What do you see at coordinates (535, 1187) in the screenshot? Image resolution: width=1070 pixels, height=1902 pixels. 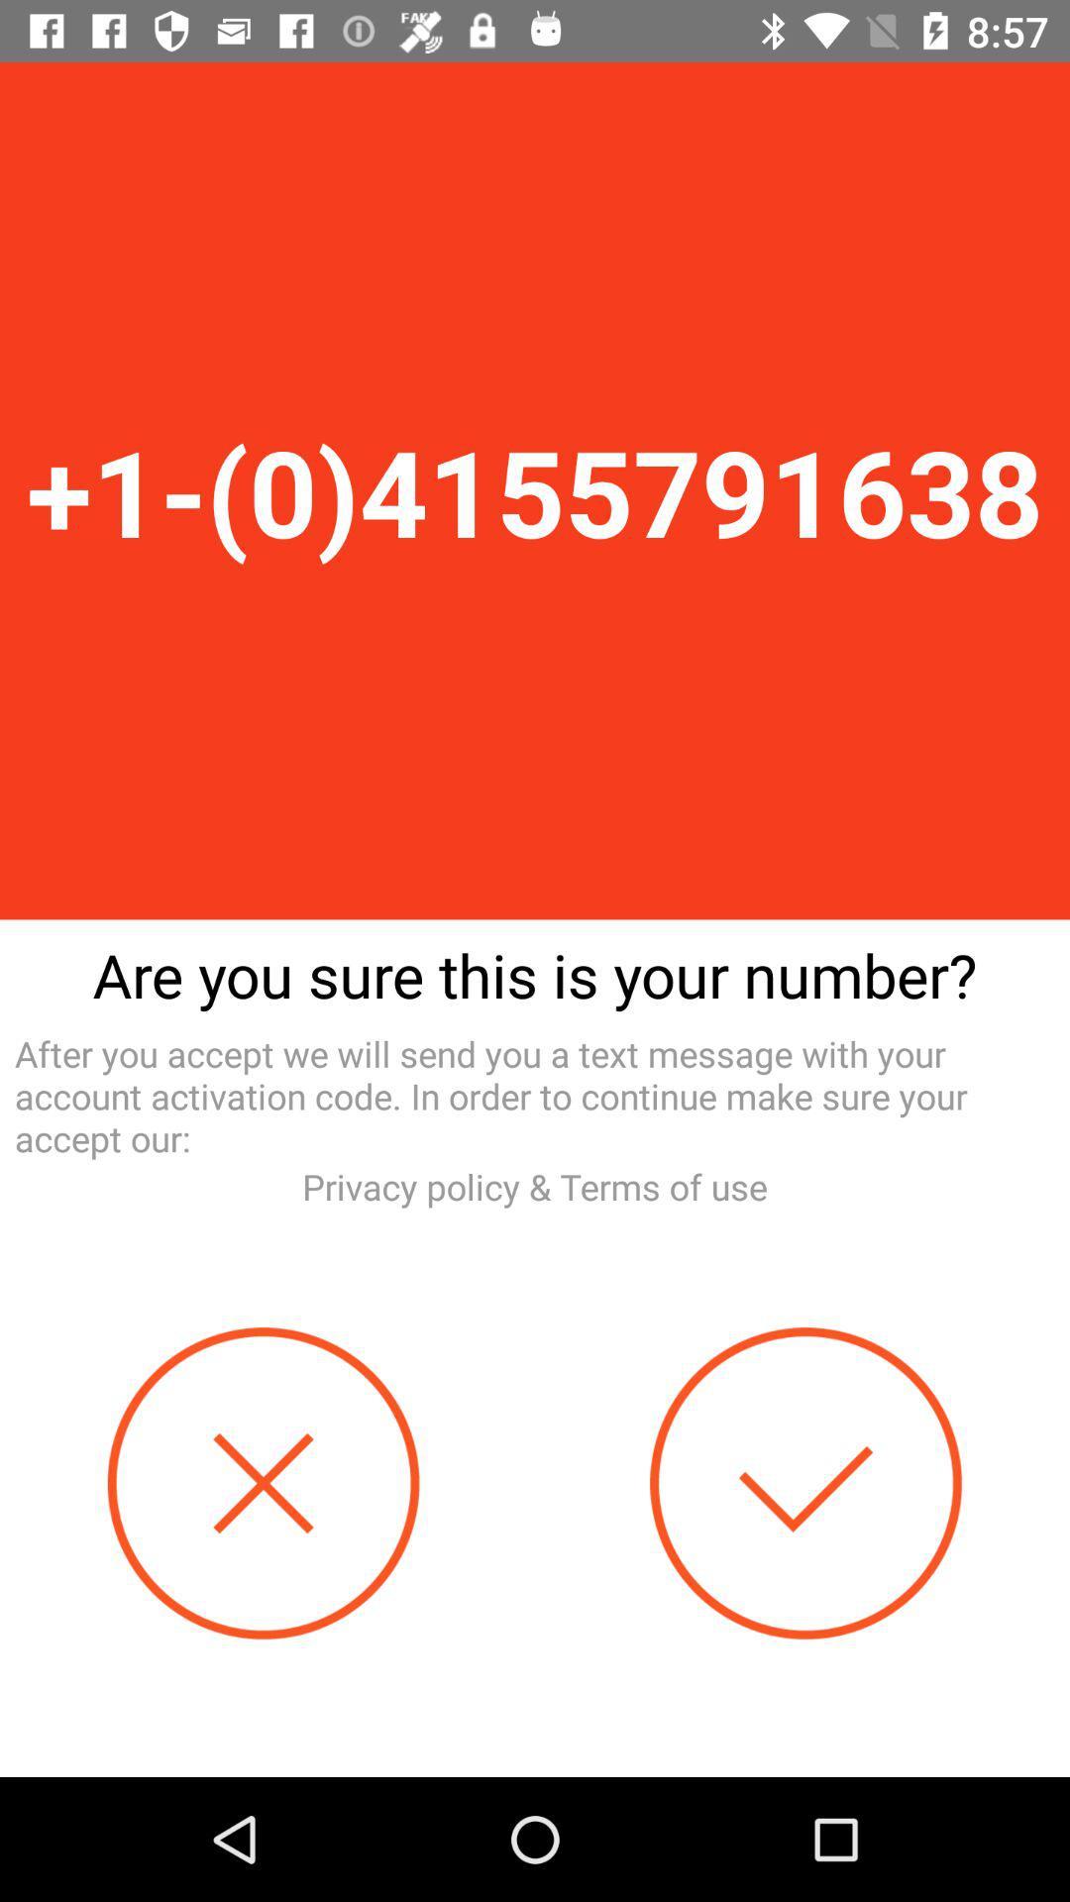 I see `icon below after you accept` at bounding box center [535, 1187].